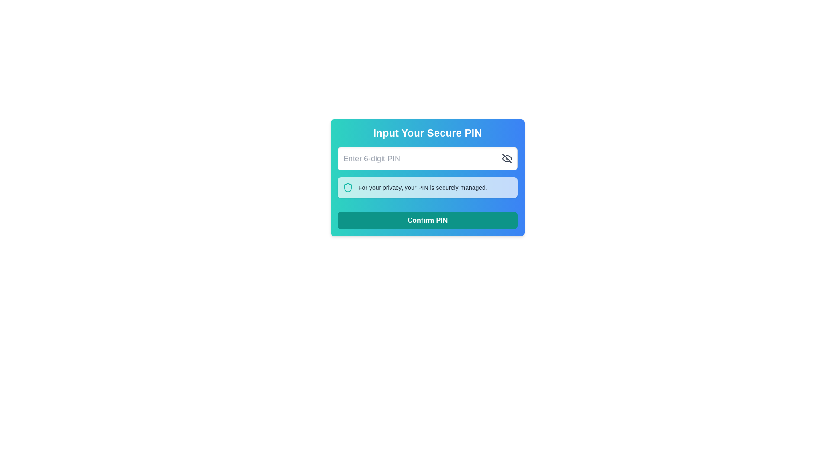 Image resolution: width=831 pixels, height=467 pixels. I want to click on the informational banner that has a light bluish-white background, rounded corners, a teal shield icon on the left, and the text 'For your privacy, your PIN is securely managed.', so click(428, 187).